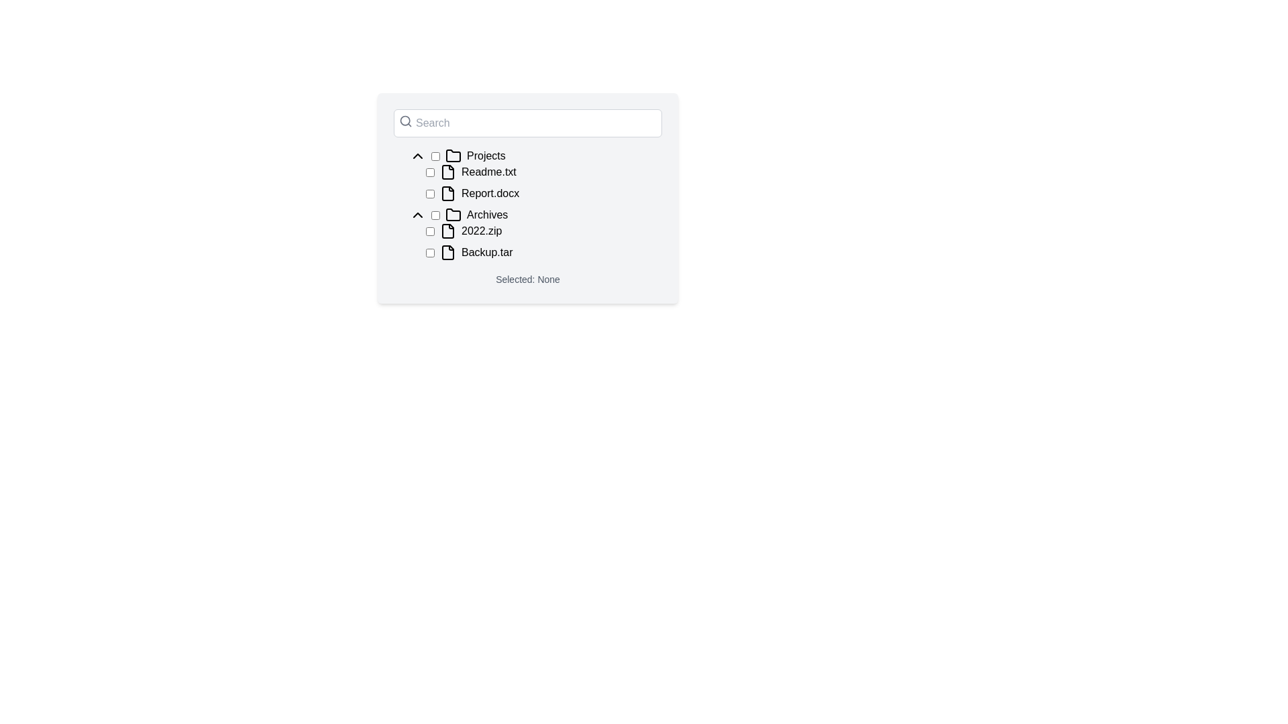 The height and width of the screenshot is (724, 1288). Describe the element at coordinates (544, 194) in the screenshot. I see `the file represented by the row containing the checkbox and the text label 'Report.docx', which is the second file entry under 'Projects'` at that location.